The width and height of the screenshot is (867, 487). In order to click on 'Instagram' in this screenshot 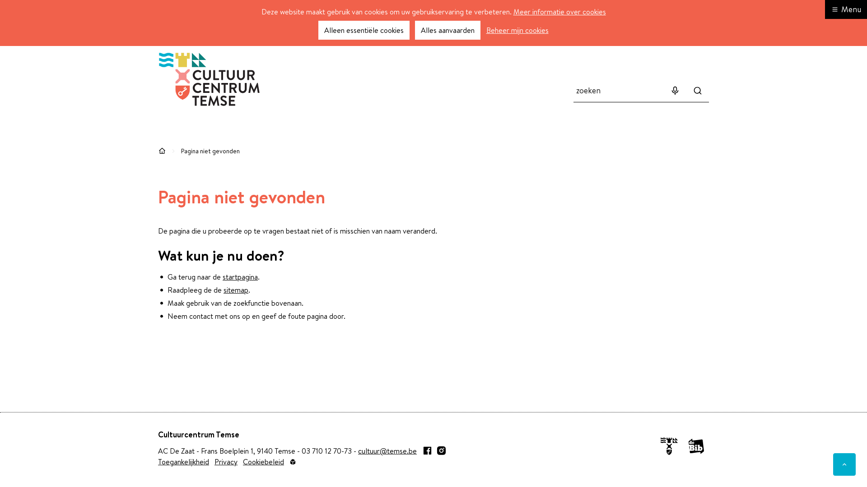, I will do `click(441, 450)`.